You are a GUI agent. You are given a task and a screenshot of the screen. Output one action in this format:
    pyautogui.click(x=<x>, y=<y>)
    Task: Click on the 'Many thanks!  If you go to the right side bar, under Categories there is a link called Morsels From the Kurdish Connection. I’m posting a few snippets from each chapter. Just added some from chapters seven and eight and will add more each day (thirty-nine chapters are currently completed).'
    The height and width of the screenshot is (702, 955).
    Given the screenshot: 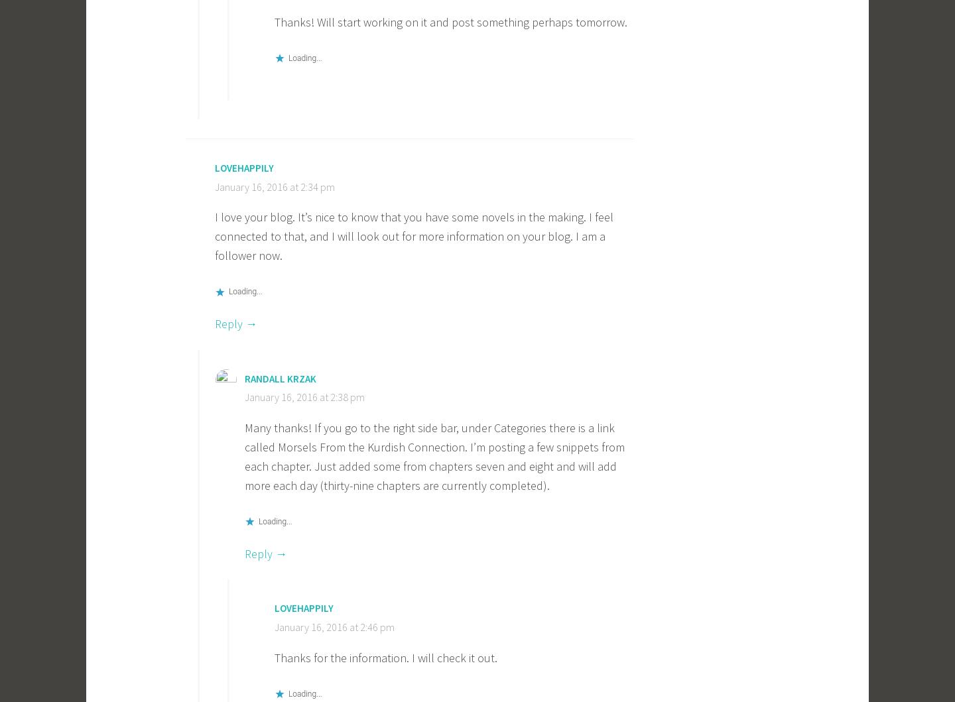 What is the action you would take?
    pyautogui.click(x=434, y=456)
    